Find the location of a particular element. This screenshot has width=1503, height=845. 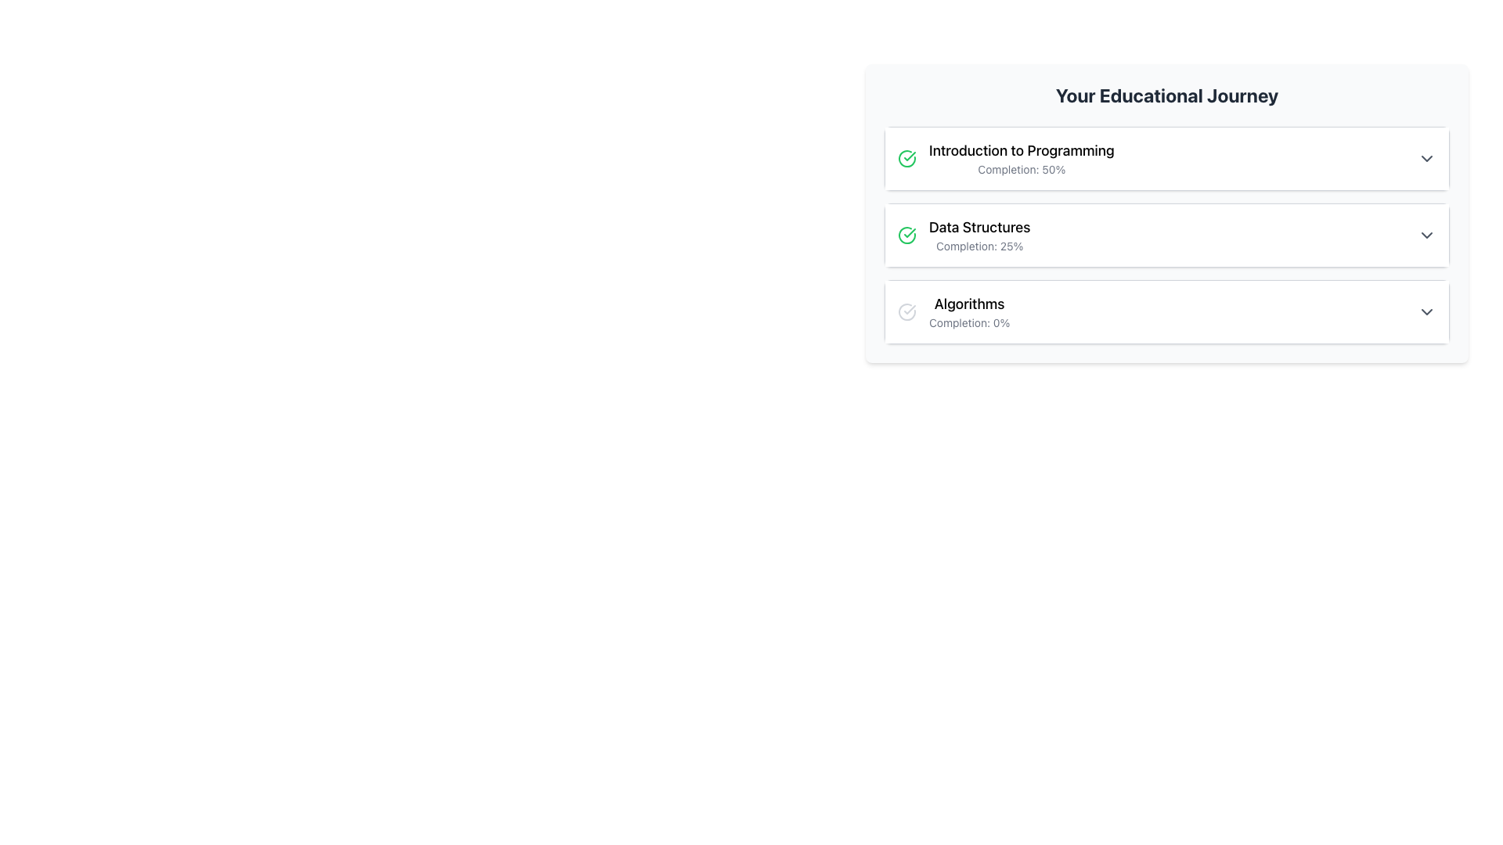

the progress indication label displaying 'Algorithms' and 'Completion: 0%' located in the 'Your Educational Journey' section is located at coordinates (968, 311).